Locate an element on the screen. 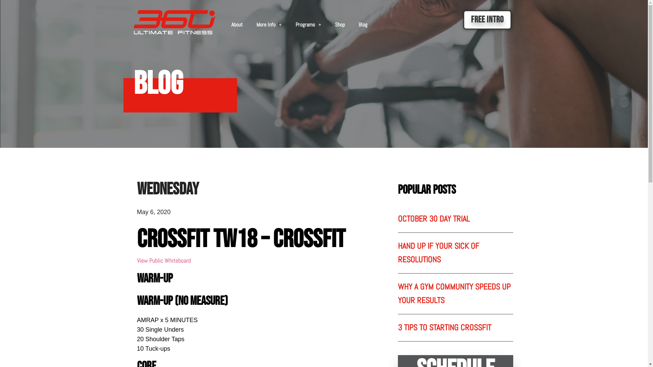  'FREE INTRO' is located at coordinates (487, 19).